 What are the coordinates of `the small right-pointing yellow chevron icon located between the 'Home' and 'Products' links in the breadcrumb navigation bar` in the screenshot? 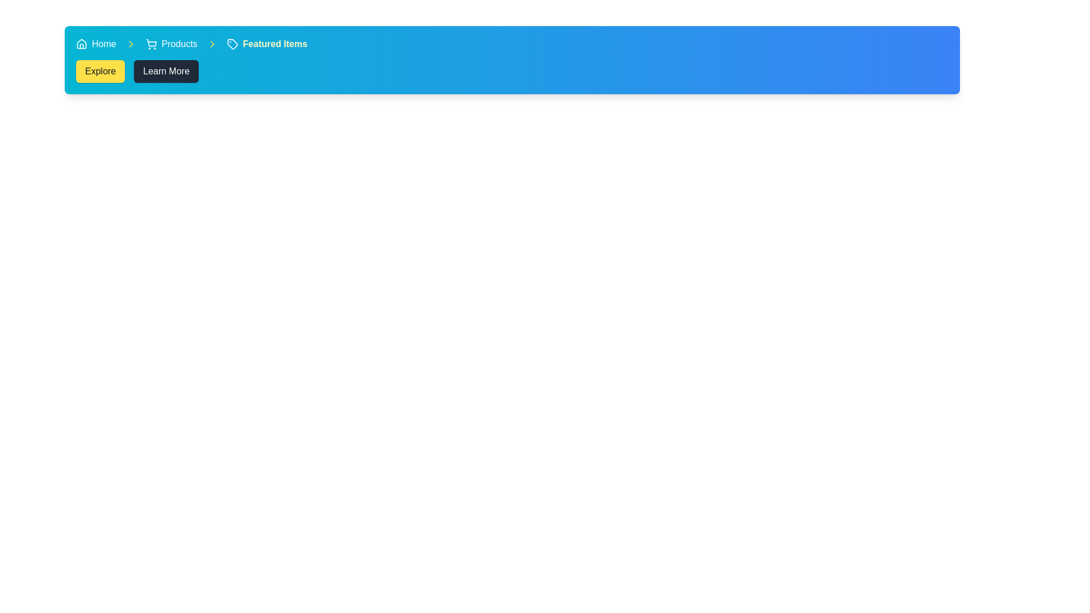 It's located at (131, 43).